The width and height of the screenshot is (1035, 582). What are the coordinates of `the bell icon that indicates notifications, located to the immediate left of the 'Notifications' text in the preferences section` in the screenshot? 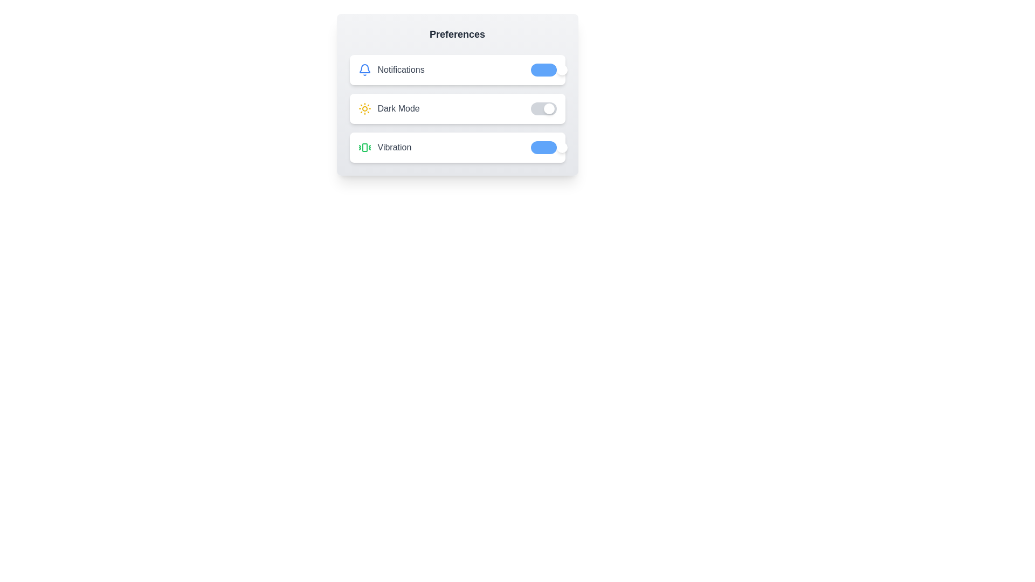 It's located at (364, 70).